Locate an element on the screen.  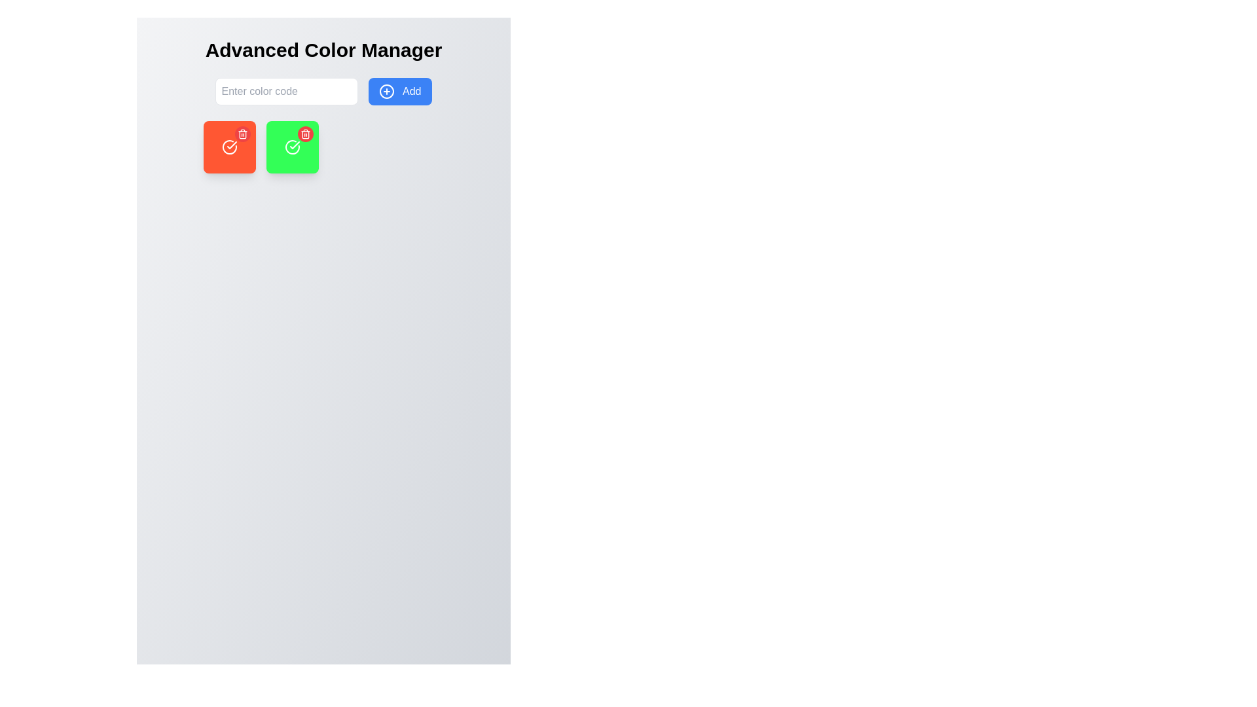
the red button in the top right corner of the green card located in the second column of the card grid is located at coordinates (304, 134).